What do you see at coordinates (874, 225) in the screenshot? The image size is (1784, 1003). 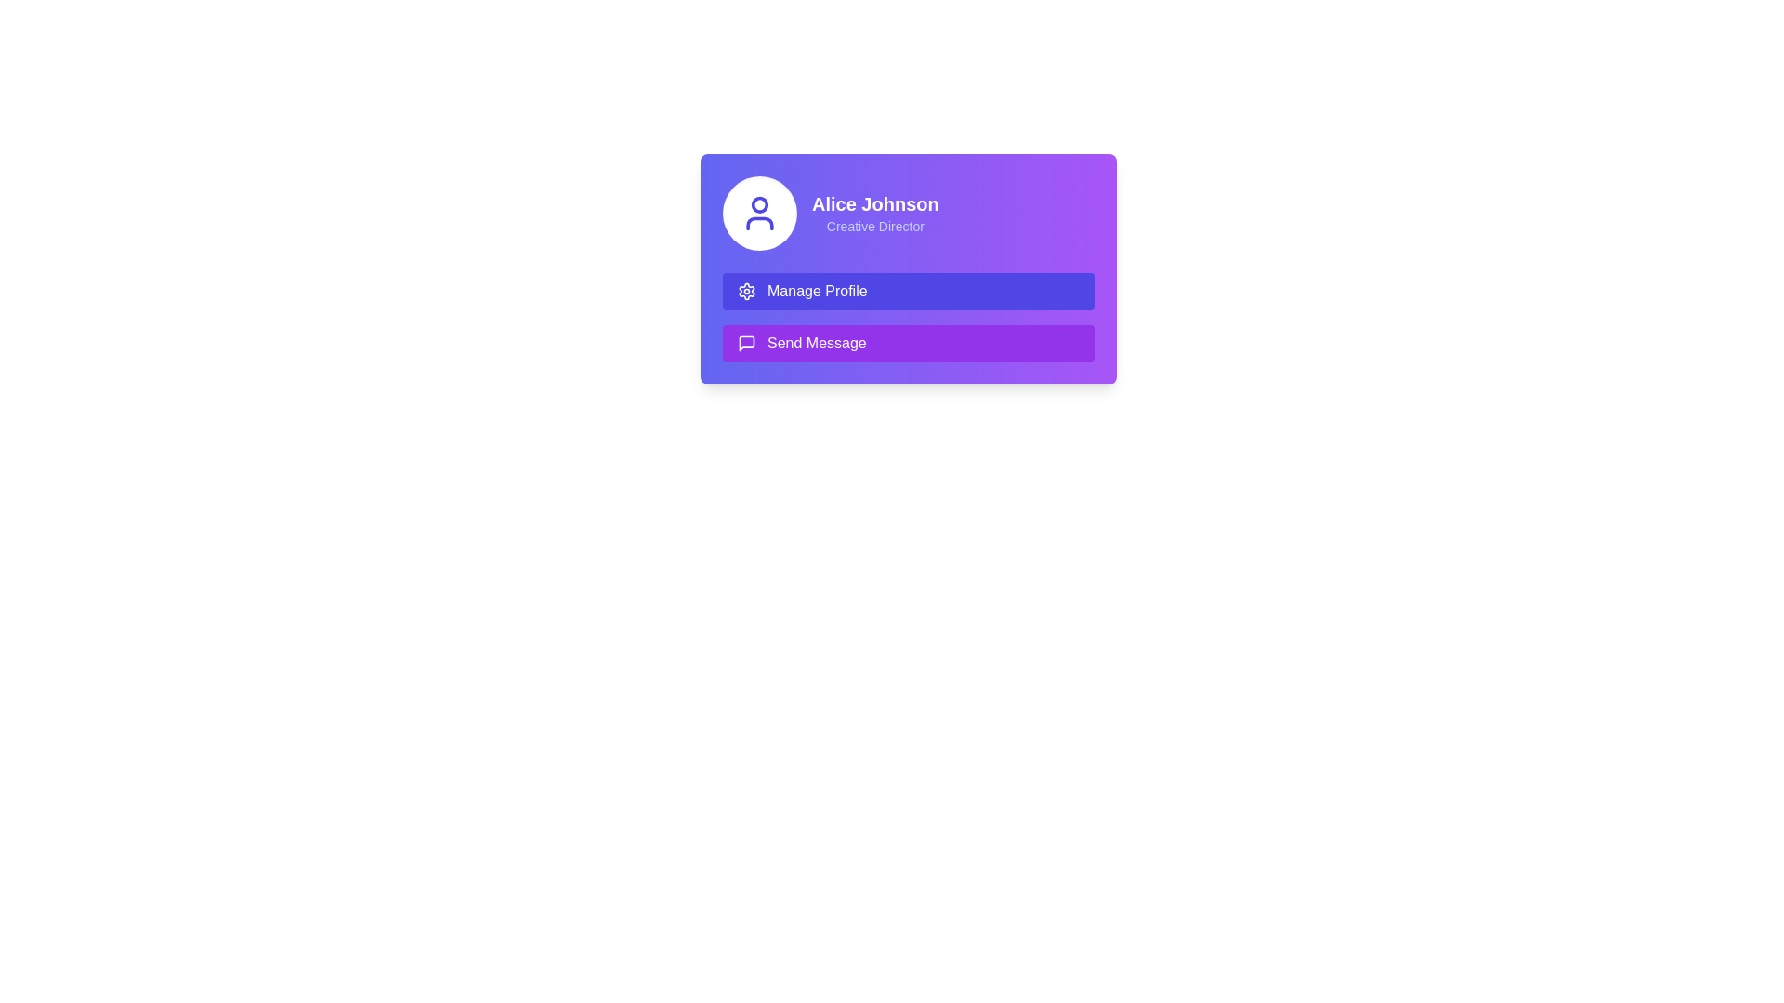 I see `the Text Label that designates the role of the user, located beneath 'Alice Johnson'` at bounding box center [874, 225].